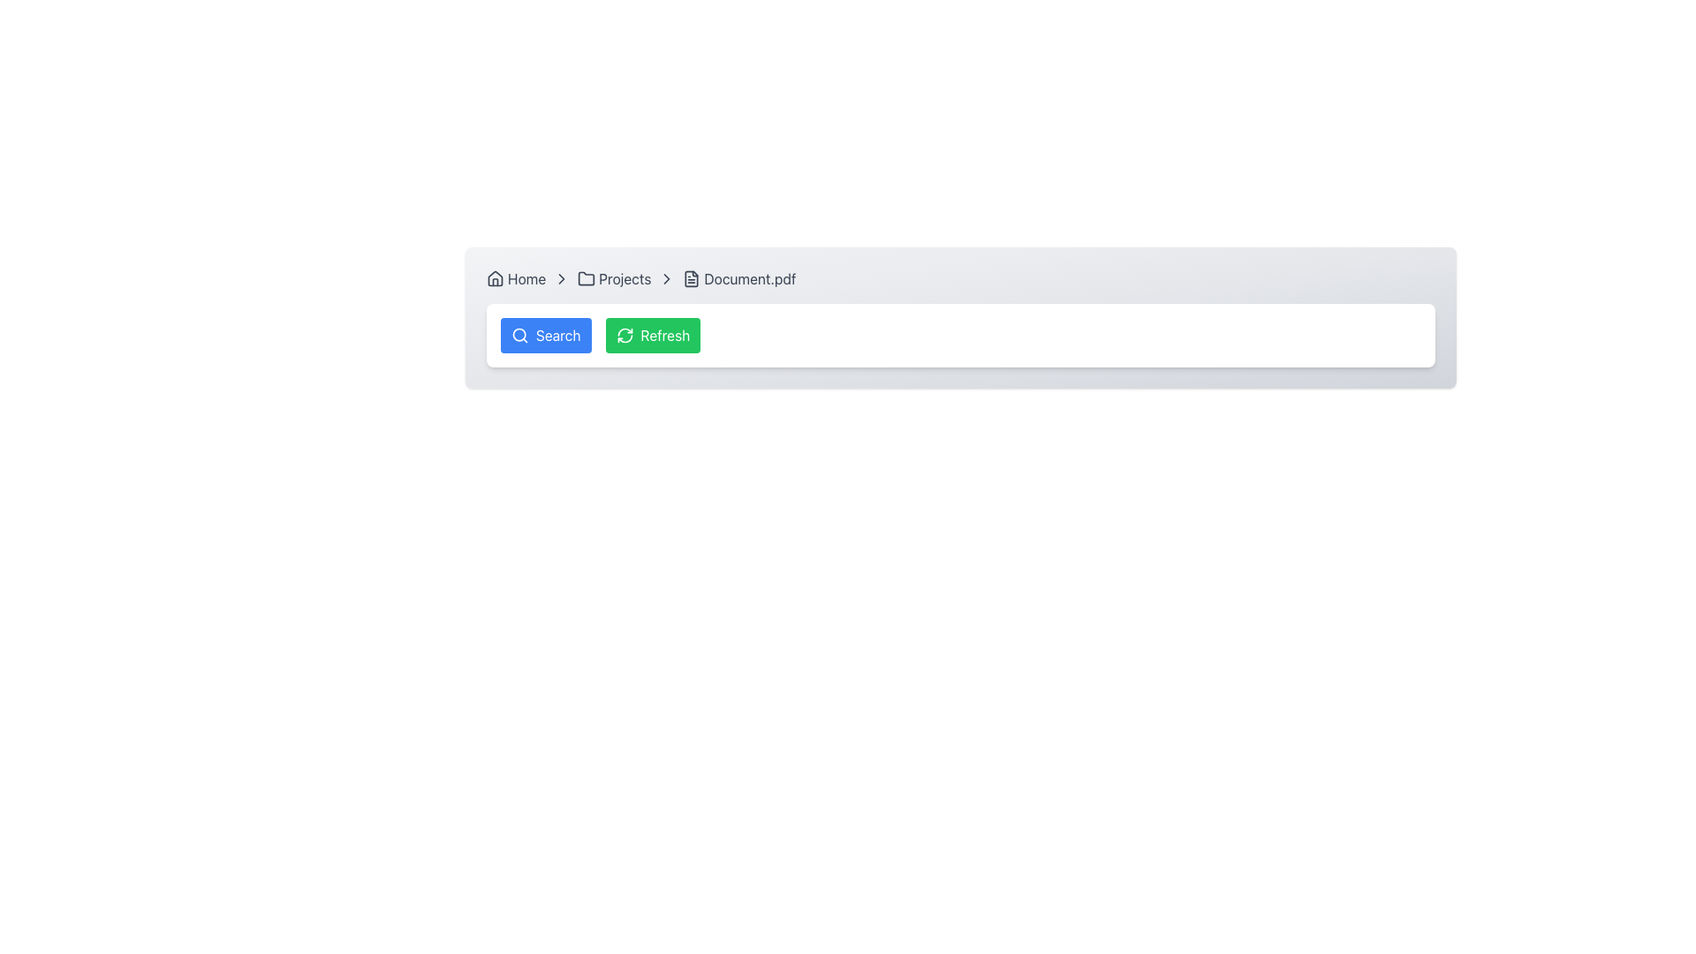 This screenshot has width=1696, height=954. Describe the element at coordinates (545, 336) in the screenshot. I see `the blue 'Search' button with a white search icon and text for keyboard interaction` at that location.